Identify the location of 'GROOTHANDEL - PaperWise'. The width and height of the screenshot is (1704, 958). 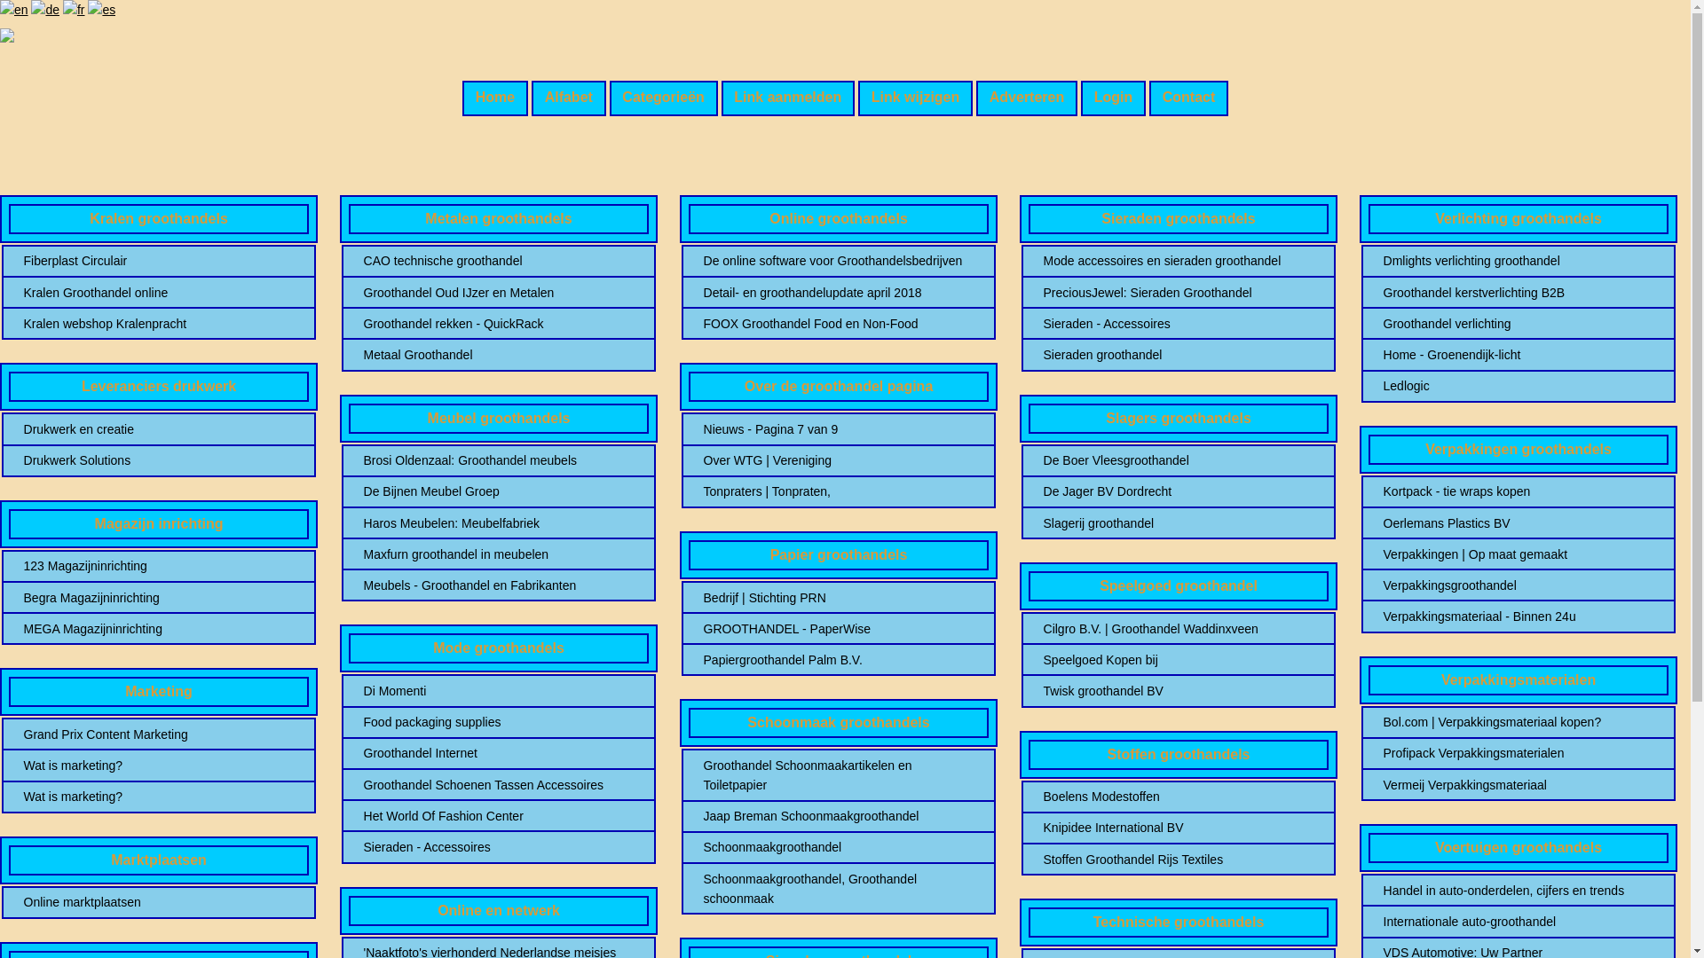
(838, 628).